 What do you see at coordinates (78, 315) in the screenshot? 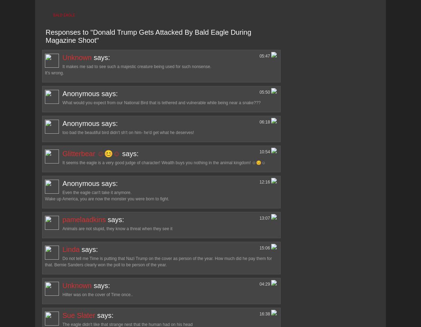
I see `'Sue Slater'` at bounding box center [78, 315].